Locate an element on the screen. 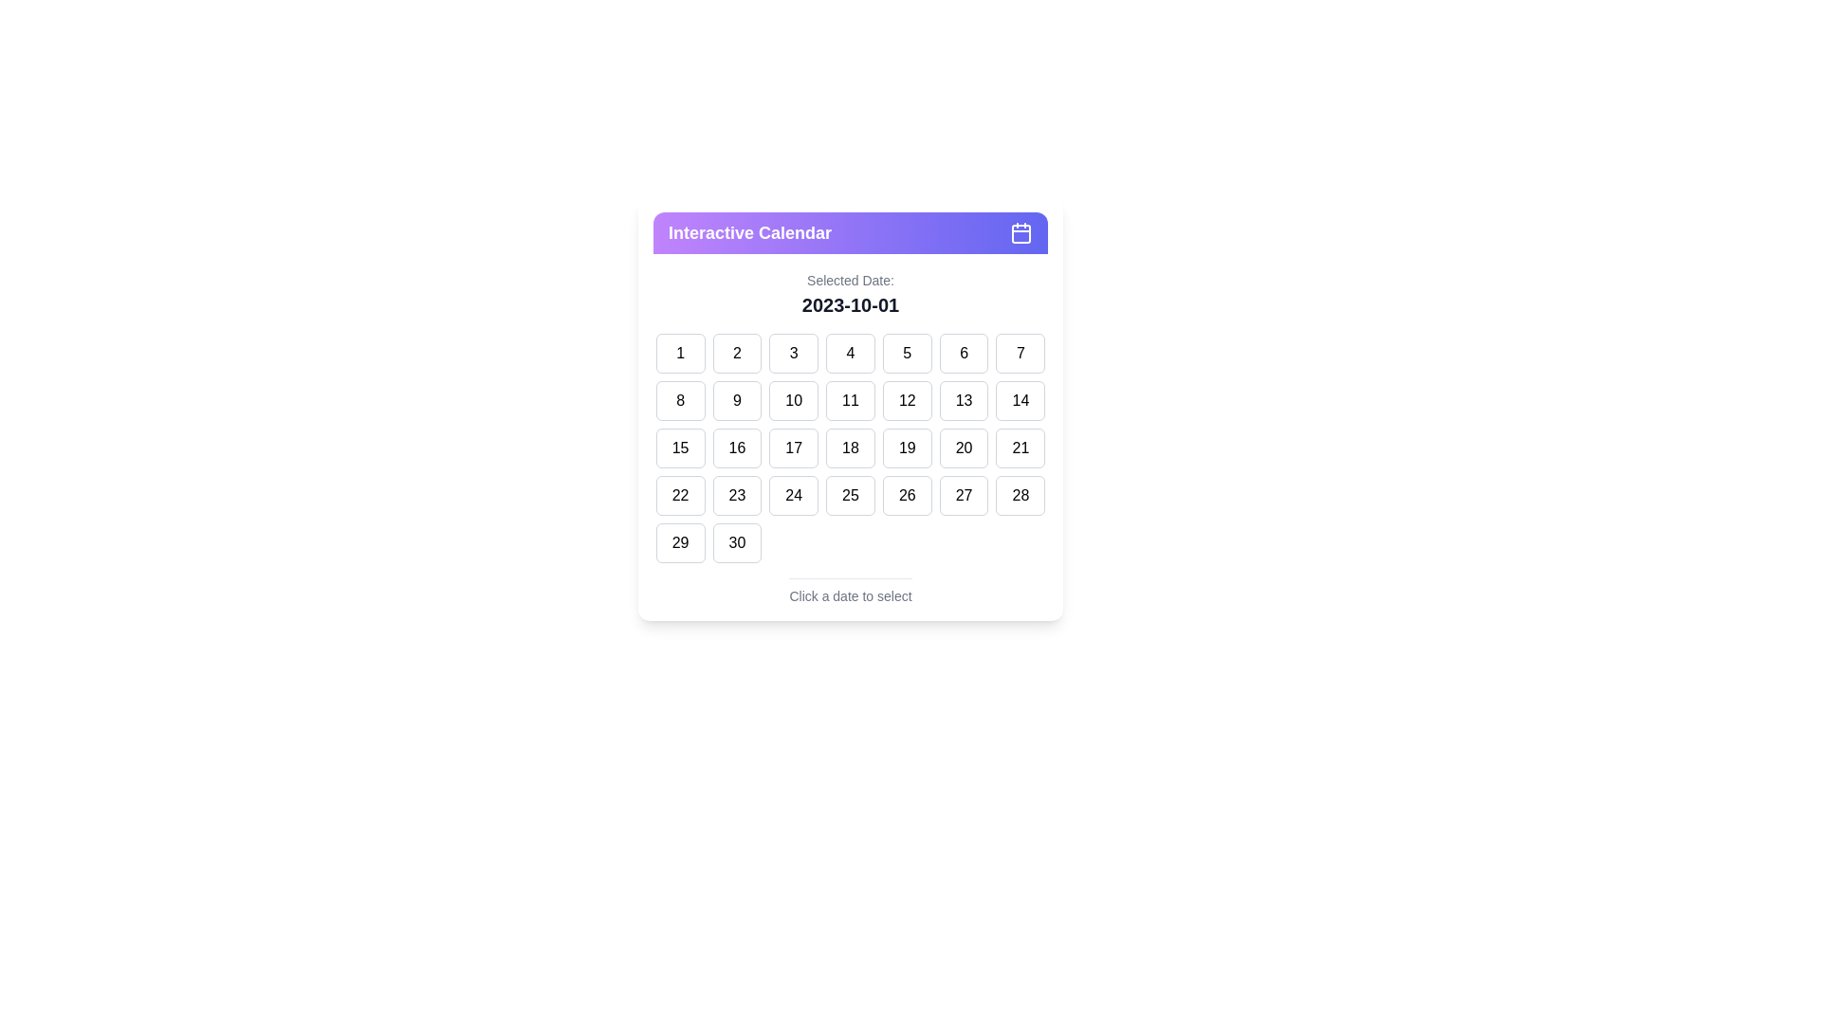 Image resolution: width=1821 pixels, height=1024 pixels. the numeric button '24' which is styled with a light gray border and white background, located in the fourth row and fourth column of the grid layout is located at coordinates (794, 495).